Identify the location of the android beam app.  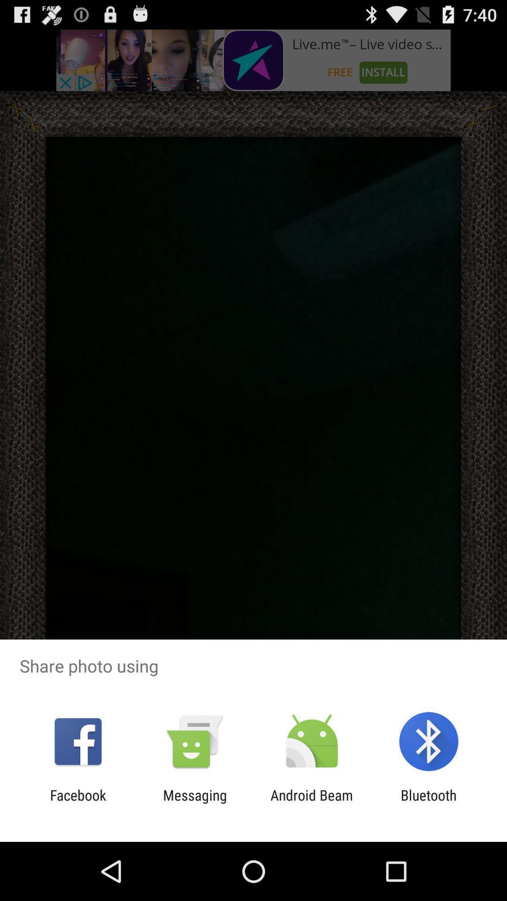
(312, 803).